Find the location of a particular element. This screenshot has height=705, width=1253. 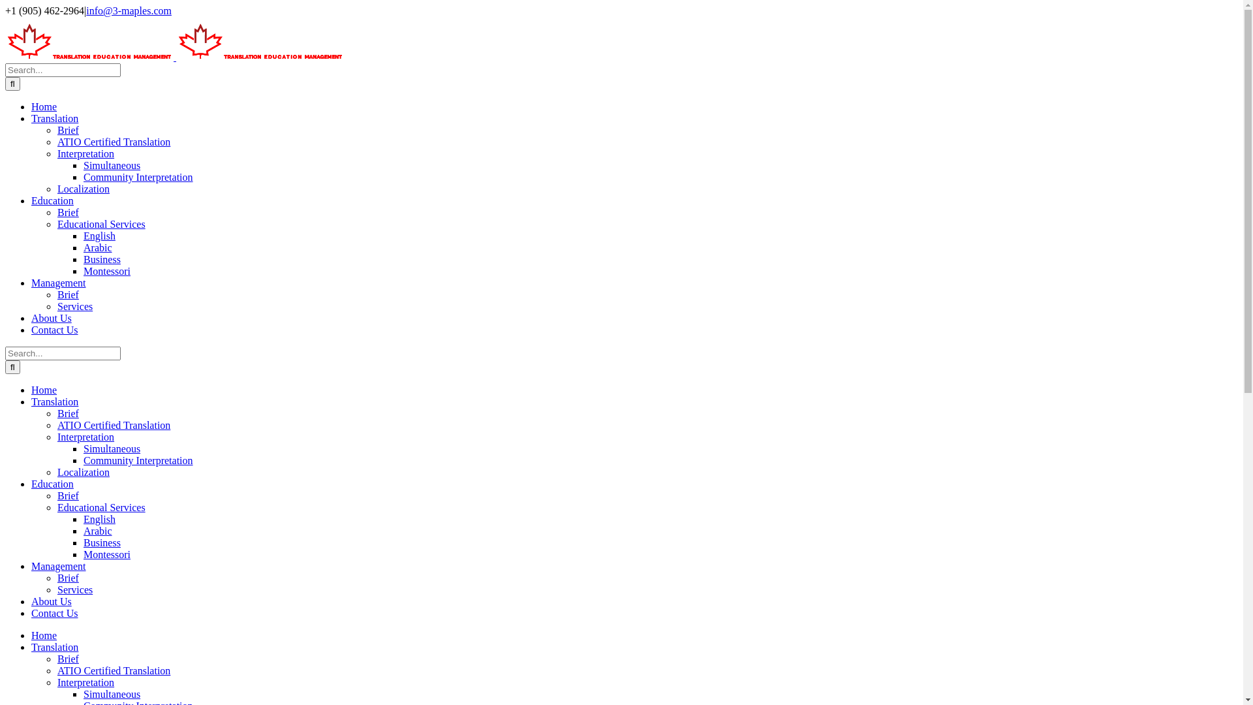

'Management' is located at coordinates (58, 565).